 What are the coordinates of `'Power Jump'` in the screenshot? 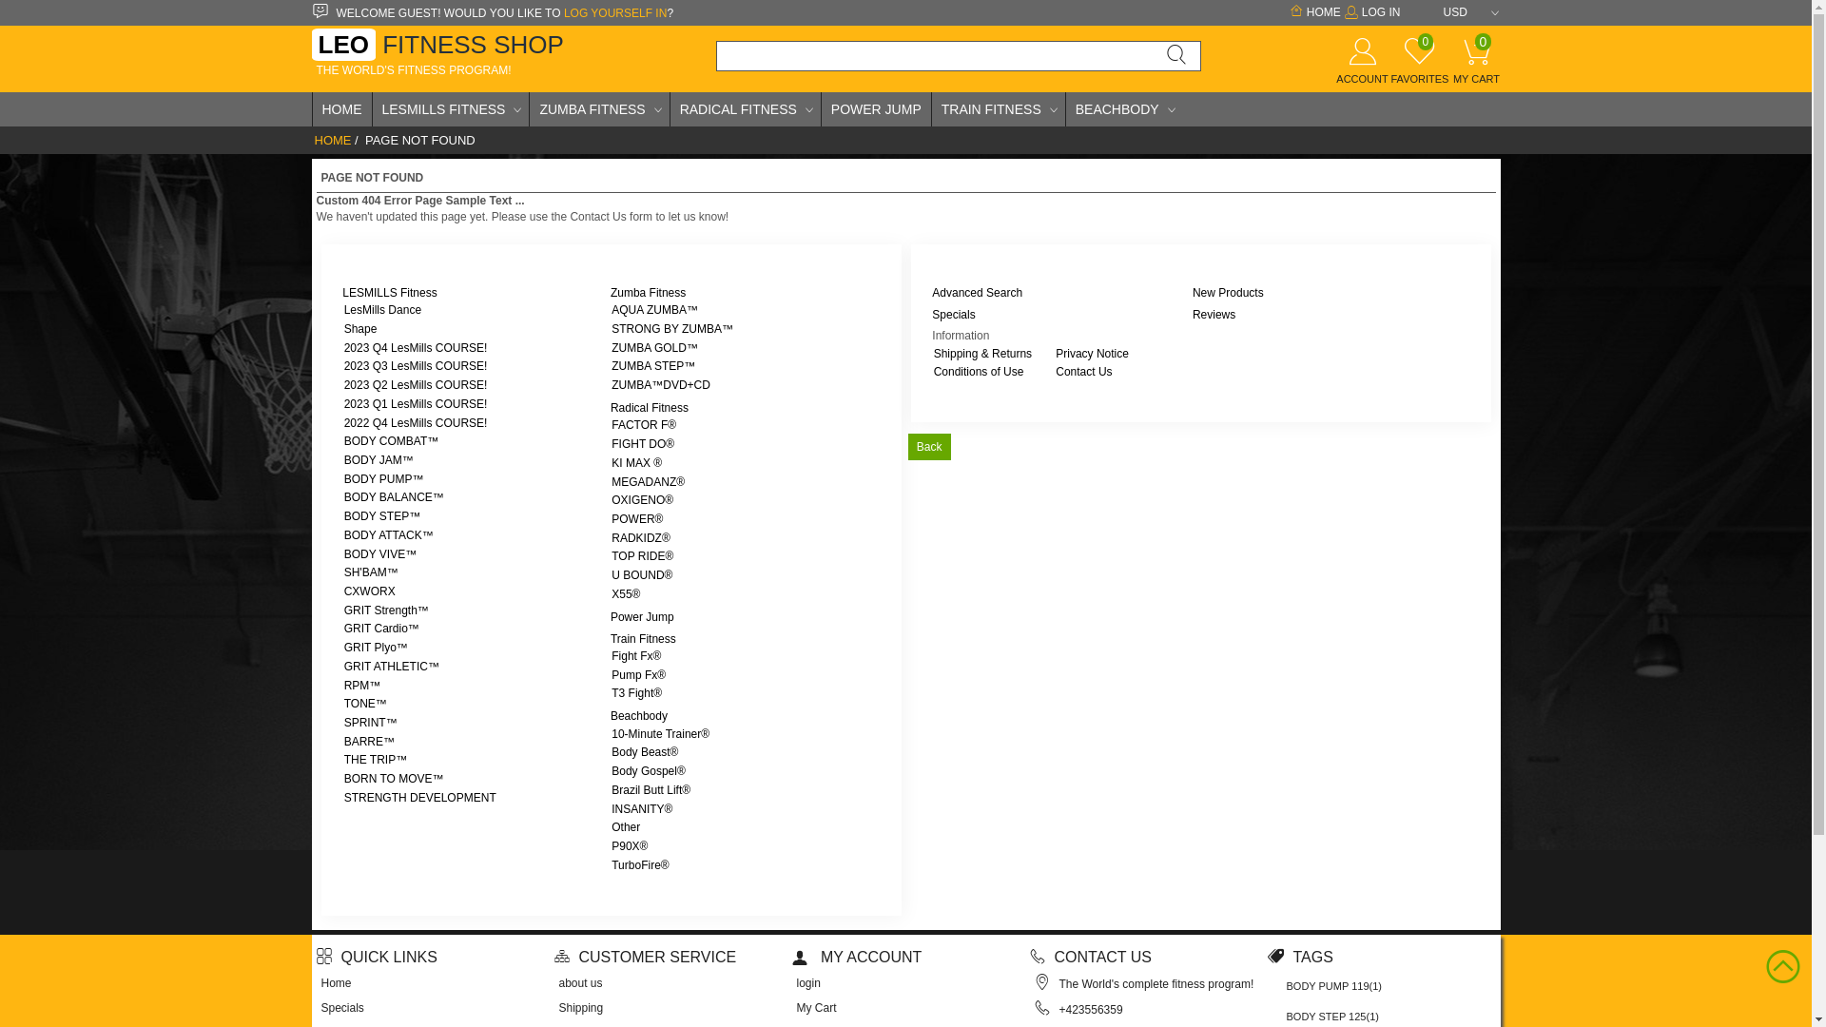 It's located at (642, 616).